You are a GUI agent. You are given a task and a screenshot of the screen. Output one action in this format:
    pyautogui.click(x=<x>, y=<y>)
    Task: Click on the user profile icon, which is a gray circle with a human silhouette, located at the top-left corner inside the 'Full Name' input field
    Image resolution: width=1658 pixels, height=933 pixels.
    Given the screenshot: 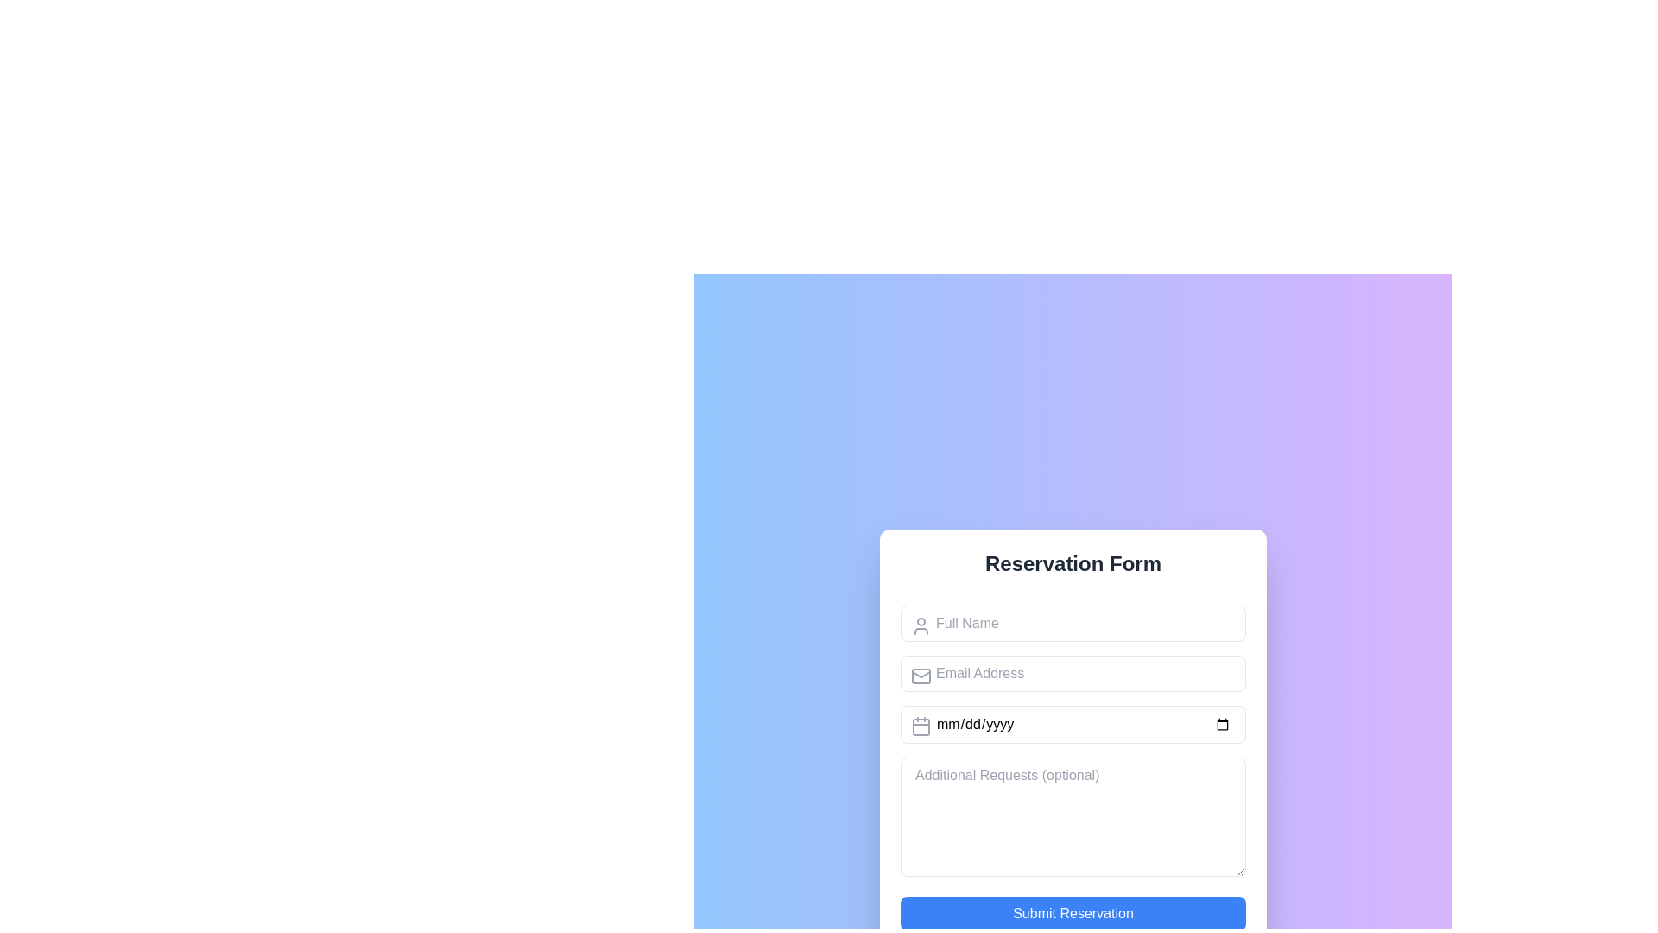 What is the action you would take?
    pyautogui.click(x=920, y=625)
    